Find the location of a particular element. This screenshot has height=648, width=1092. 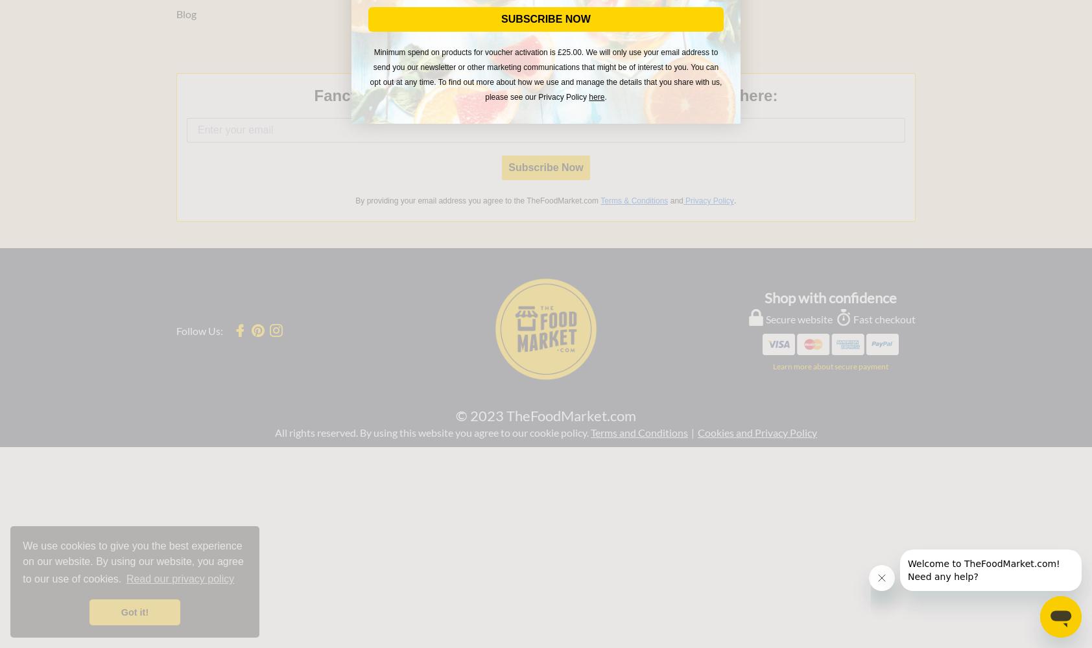

'Shop with confidence' is located at coordinates (829, 296).